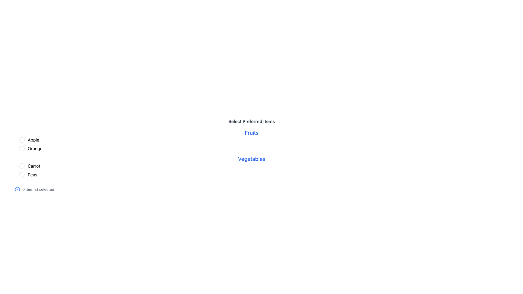 This screenshot has width=523, height=294. I want to click on the 'Apple' radio button located in the 'Fruits' section, so click(253, 139).